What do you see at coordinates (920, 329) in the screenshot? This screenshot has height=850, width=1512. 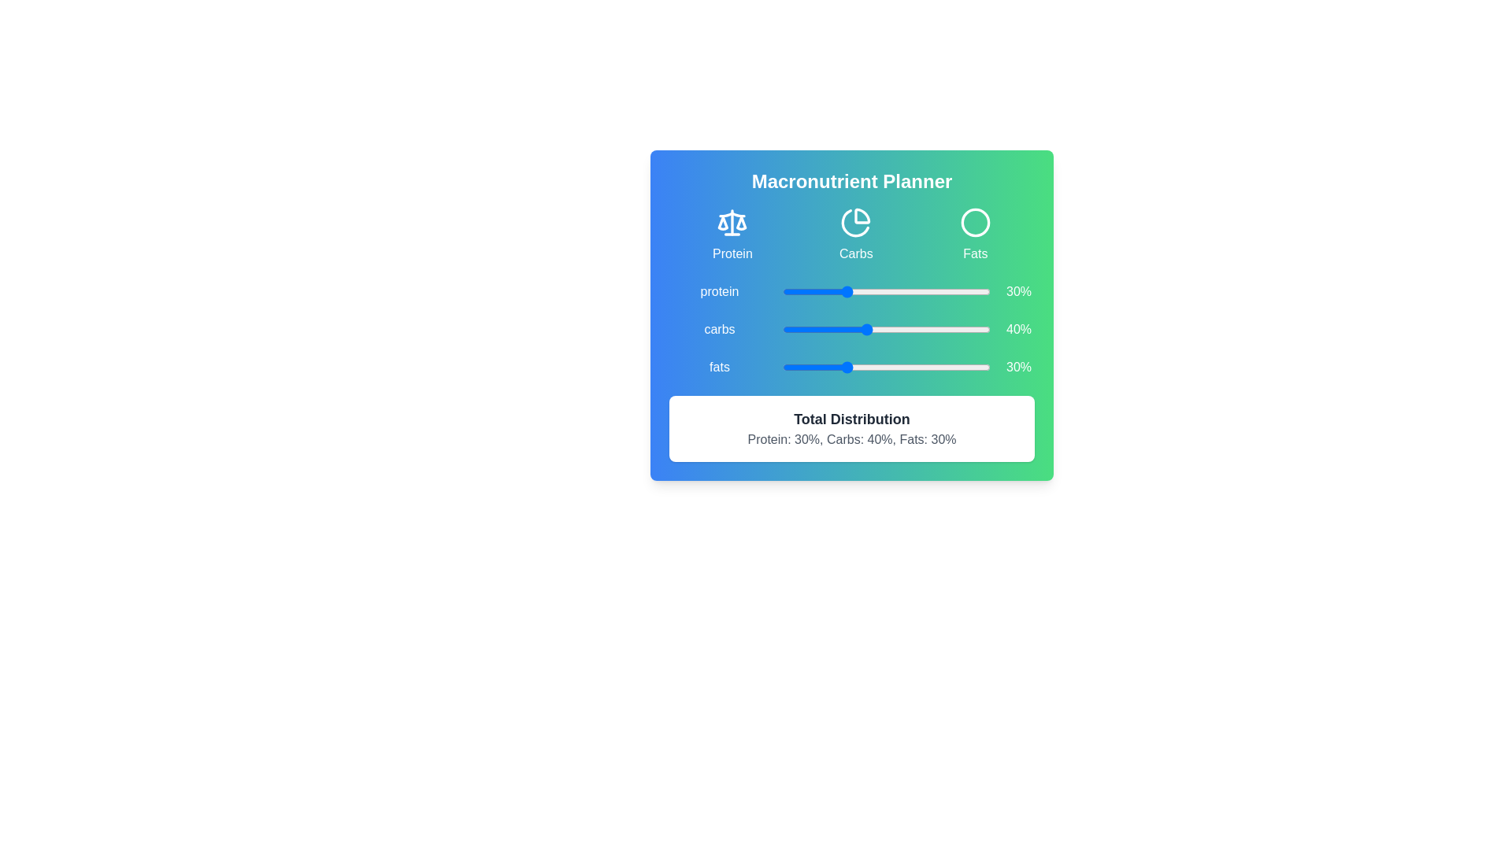 I see `the carbs percentage` at bounding box center [920, 329].